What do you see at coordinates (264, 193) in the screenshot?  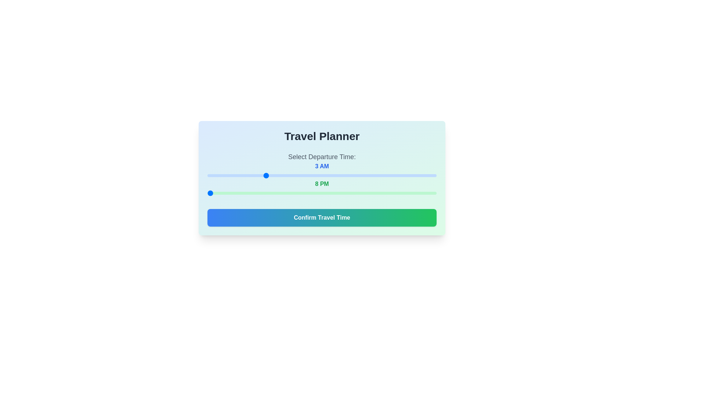 I see `the slider value` at bounding box center [264, 193].